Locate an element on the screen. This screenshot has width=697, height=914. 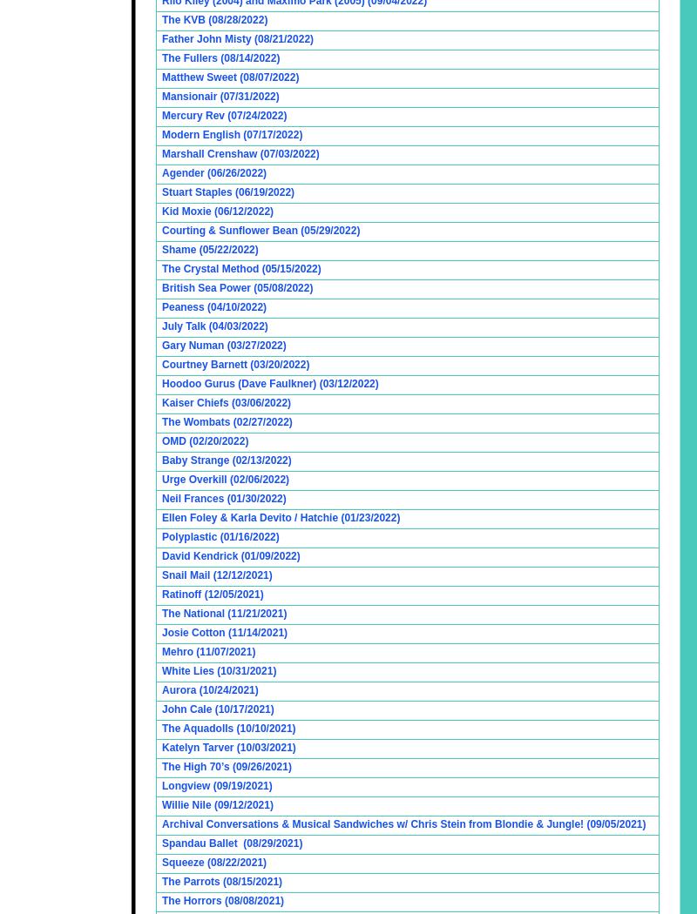
'Courting & Sunflower Bean (05/29/2022)' is located at coordinates (261, 230).